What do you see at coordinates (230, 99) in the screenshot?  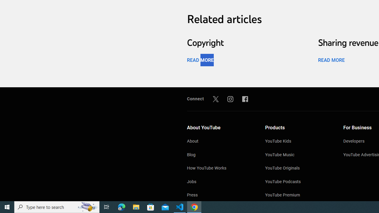 I see `'Instagram'` at bounding box center [230, 99].